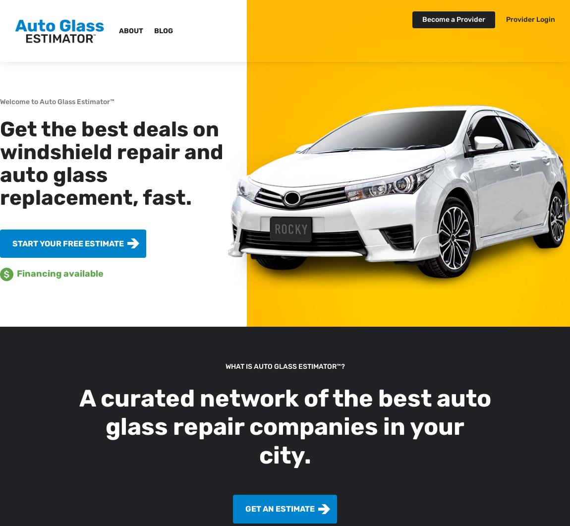 The width and height of the screenshot is (570, 526). I want to click on 'Provider Login', so click(530, 19).